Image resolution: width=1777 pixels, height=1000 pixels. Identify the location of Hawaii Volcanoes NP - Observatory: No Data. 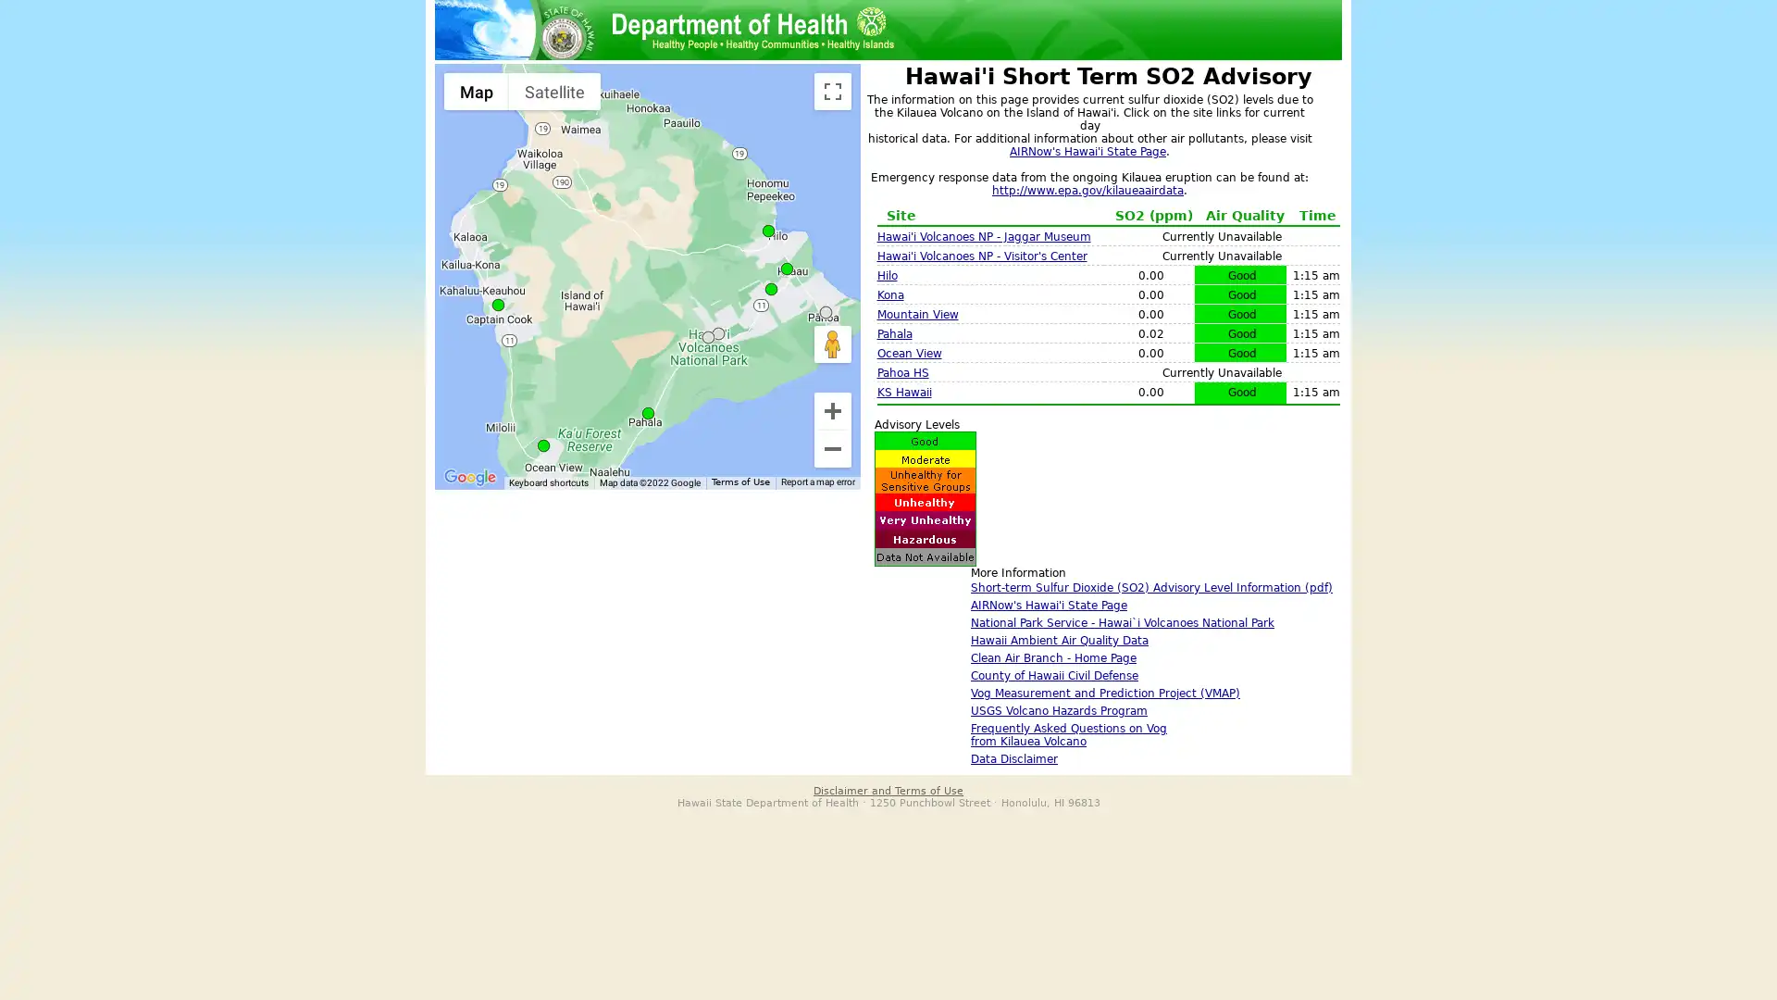
(707, 337).